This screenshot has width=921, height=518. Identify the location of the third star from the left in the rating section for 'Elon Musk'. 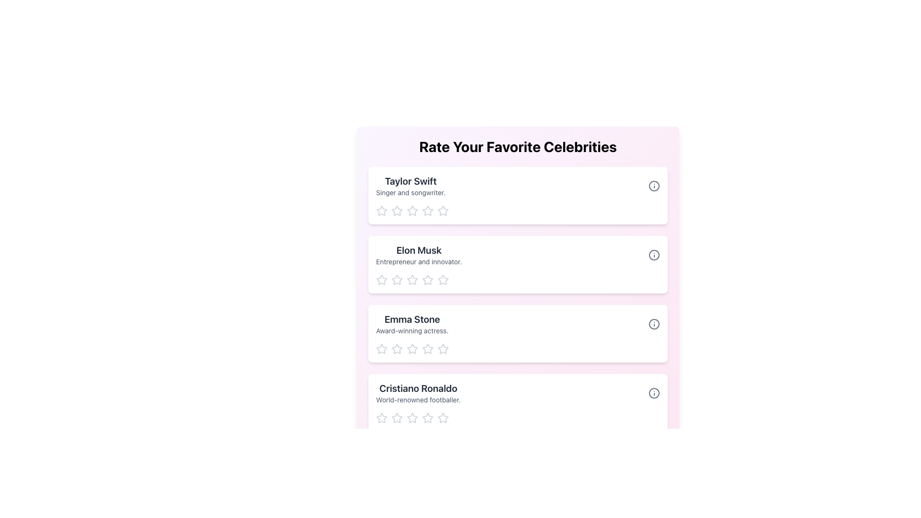
(412, 280).